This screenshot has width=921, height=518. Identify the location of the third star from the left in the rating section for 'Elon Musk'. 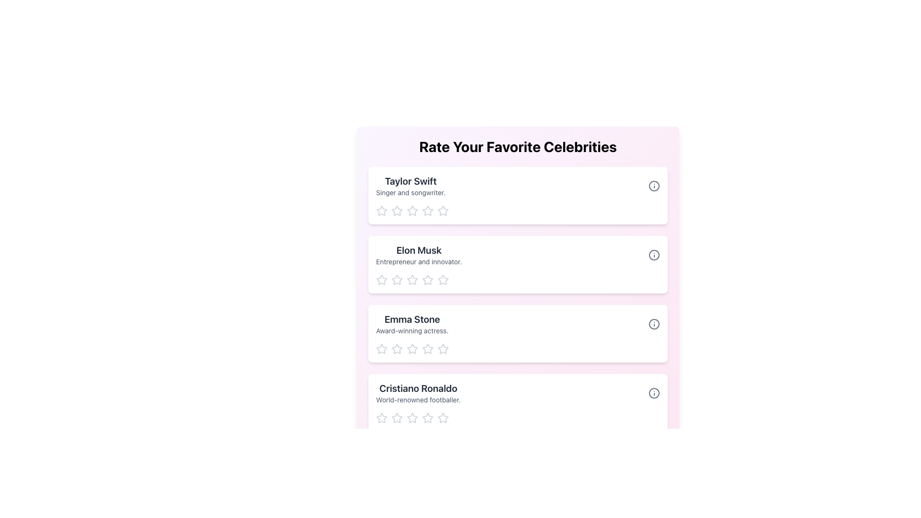
(412, 280).